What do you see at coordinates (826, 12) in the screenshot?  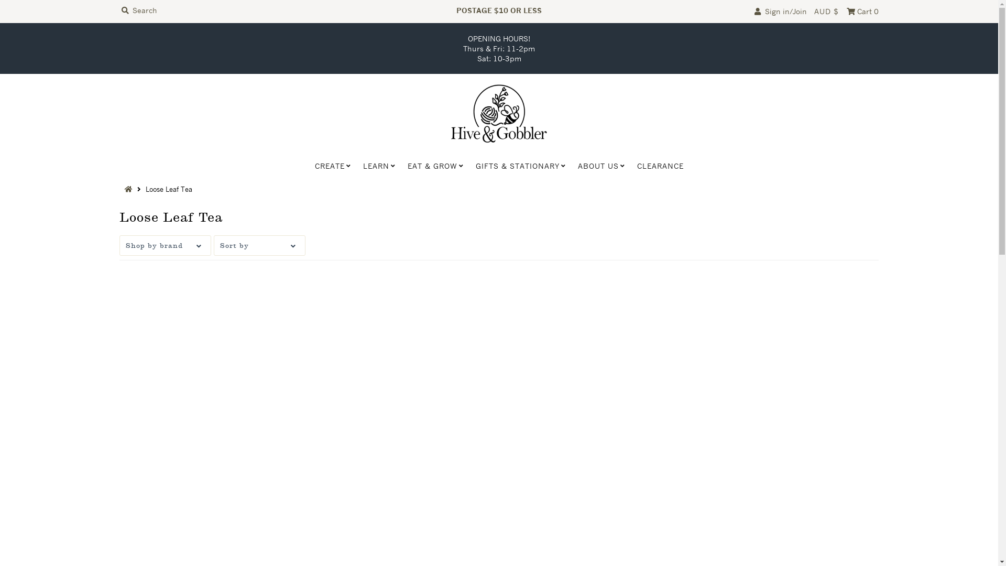 I see `'AUD $'` at bounding box center [826, 12].